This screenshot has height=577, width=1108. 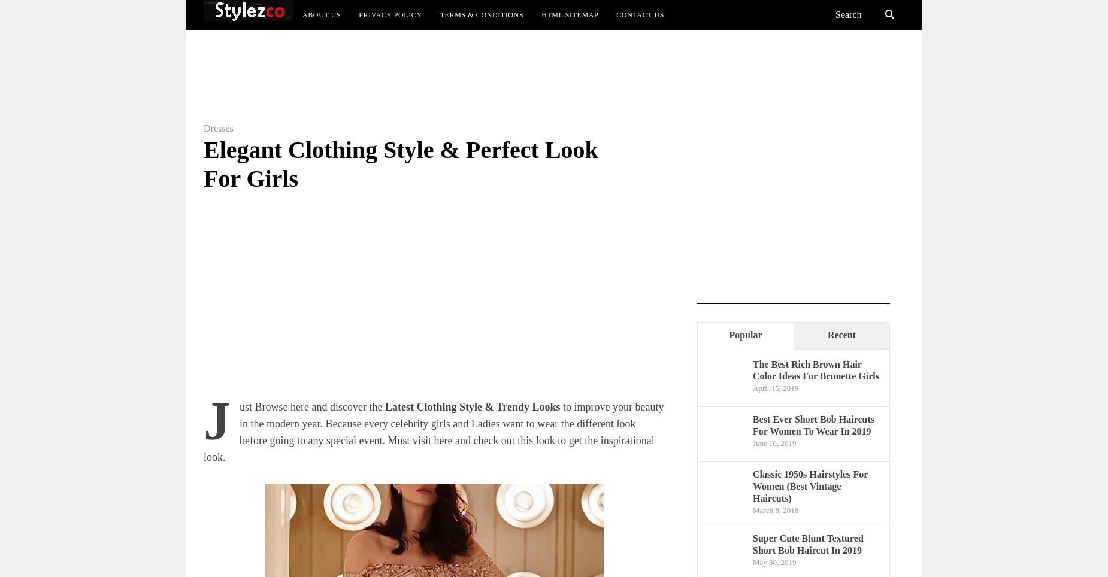 I want to click on 'Bob Haircuts', so click(x=745, y=84).